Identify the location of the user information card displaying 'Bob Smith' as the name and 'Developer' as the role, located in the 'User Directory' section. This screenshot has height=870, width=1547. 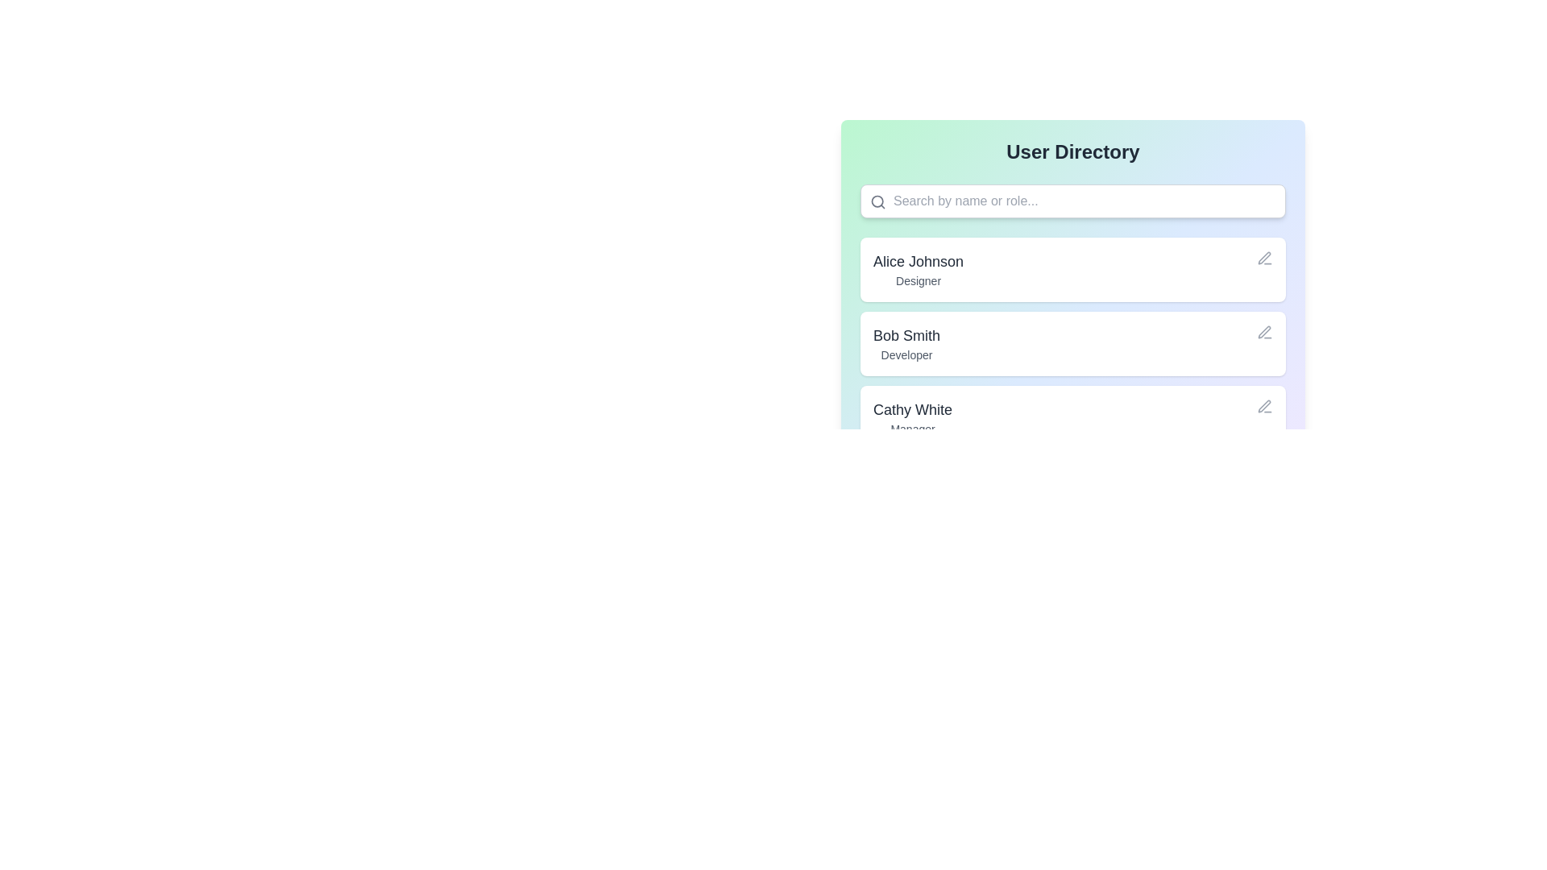
(1072, 343).